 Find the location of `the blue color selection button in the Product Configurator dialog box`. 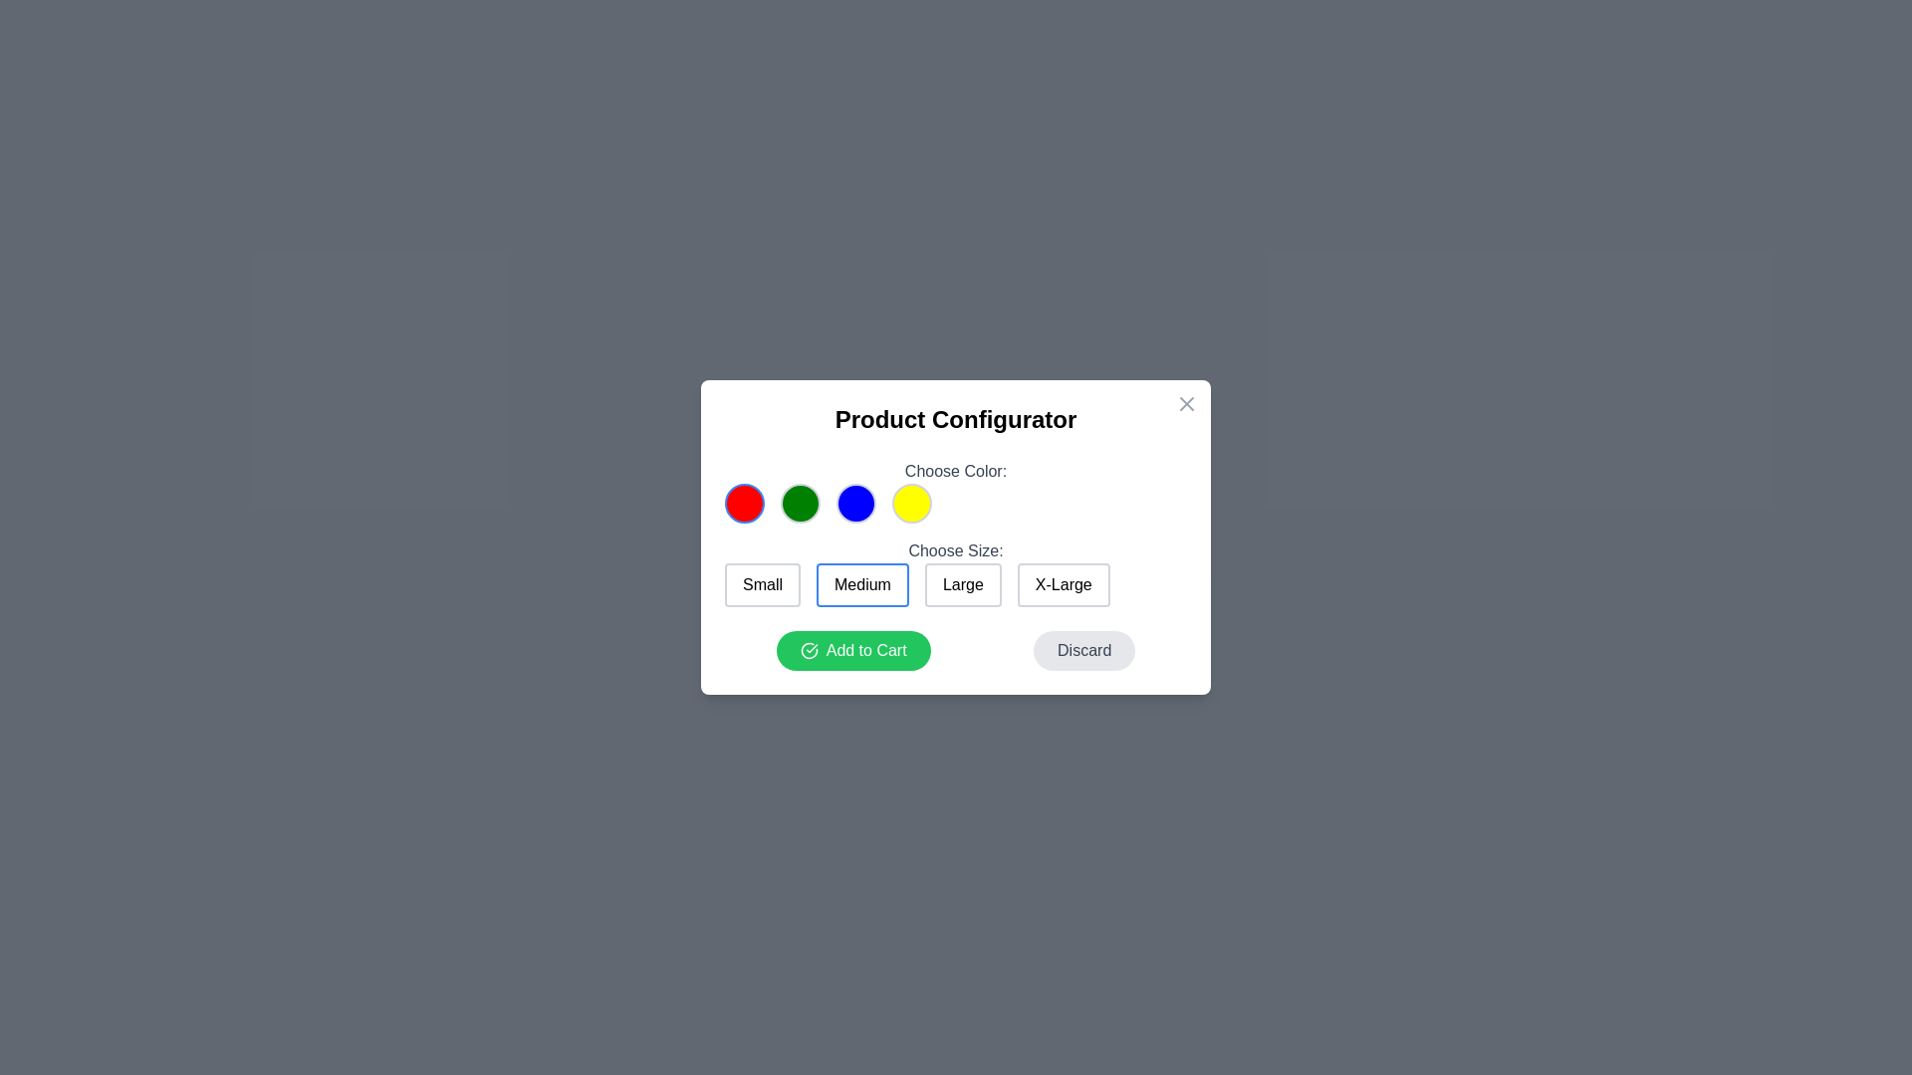

the blue color selection button in the Product Configurator dialog box is located at coordinates (855, 502).